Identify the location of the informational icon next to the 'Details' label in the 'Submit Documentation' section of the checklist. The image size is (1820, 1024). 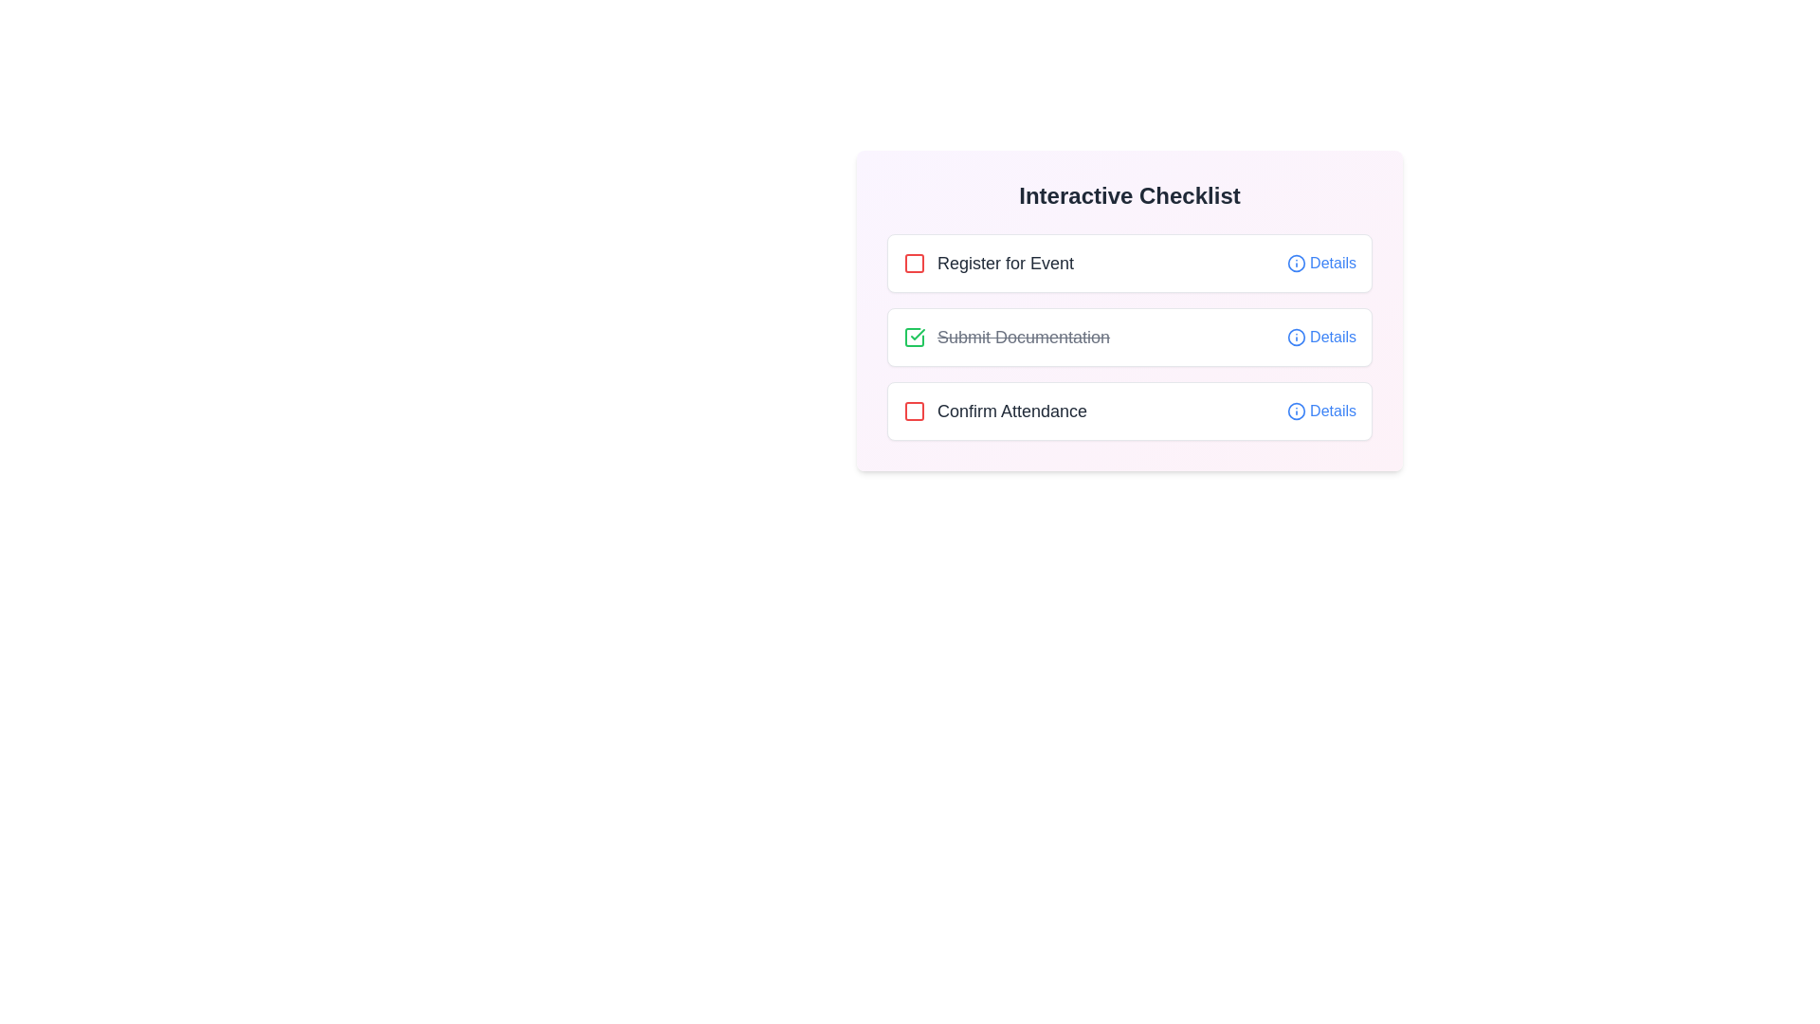
(1296, 336).